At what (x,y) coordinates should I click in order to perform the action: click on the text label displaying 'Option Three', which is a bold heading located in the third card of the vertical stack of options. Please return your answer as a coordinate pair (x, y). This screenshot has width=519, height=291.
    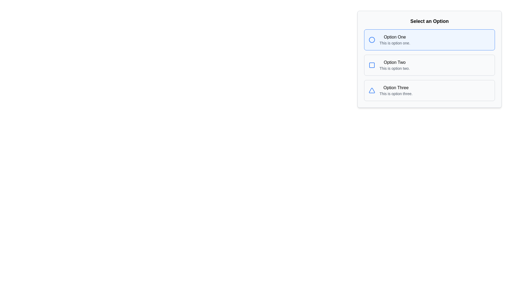
    Looking at the image, I should click on (396, 88).